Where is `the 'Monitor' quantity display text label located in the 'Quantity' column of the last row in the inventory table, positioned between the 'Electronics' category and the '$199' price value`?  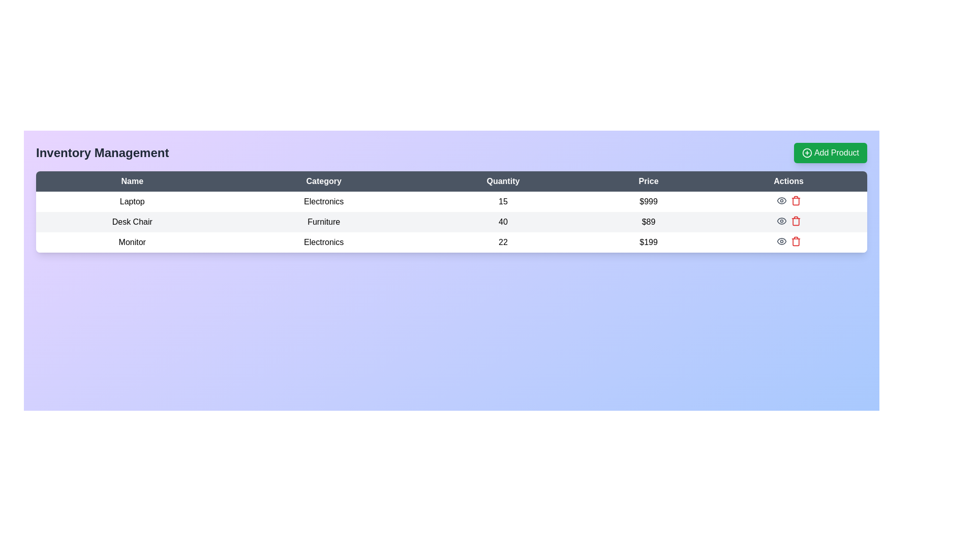 the 'Monitor' quantity display text label located in the 'Quantity' column of the last row in the inventory table, positioned between the 'Electronics' category and the '$199' price value is located at coordinates (503, 242).